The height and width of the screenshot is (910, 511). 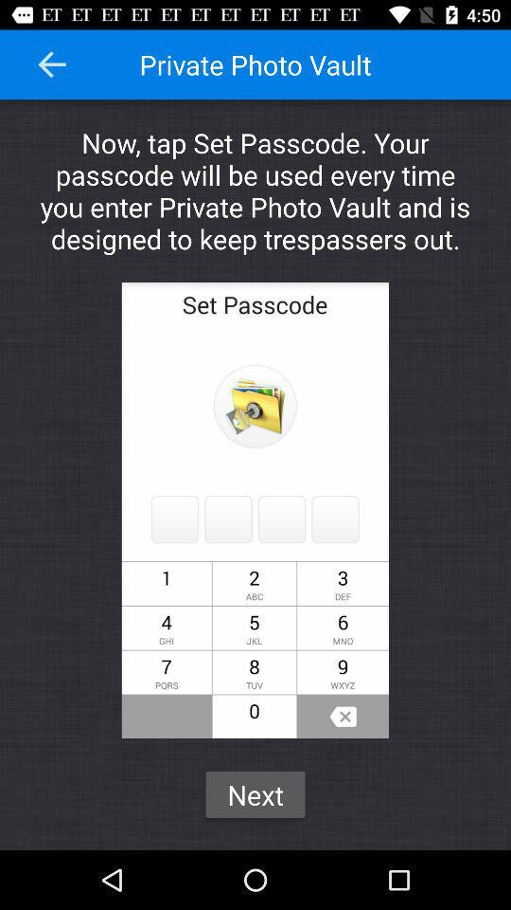 I want to click on the next icon, so click(x=255, y=794).